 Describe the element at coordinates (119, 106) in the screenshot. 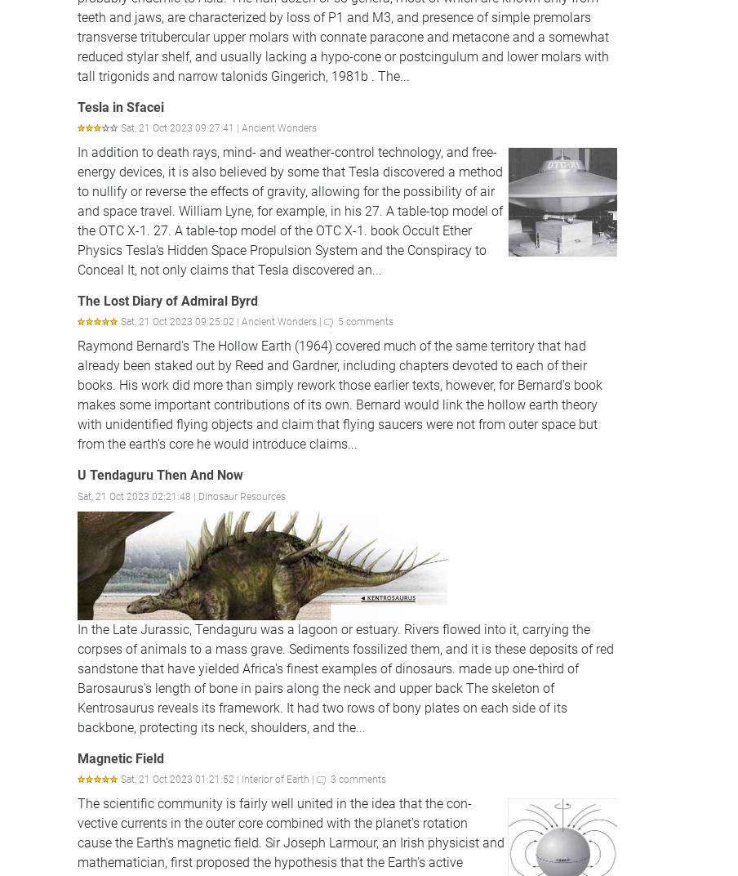

I see `'Tesla in Sfacei'` at that location.